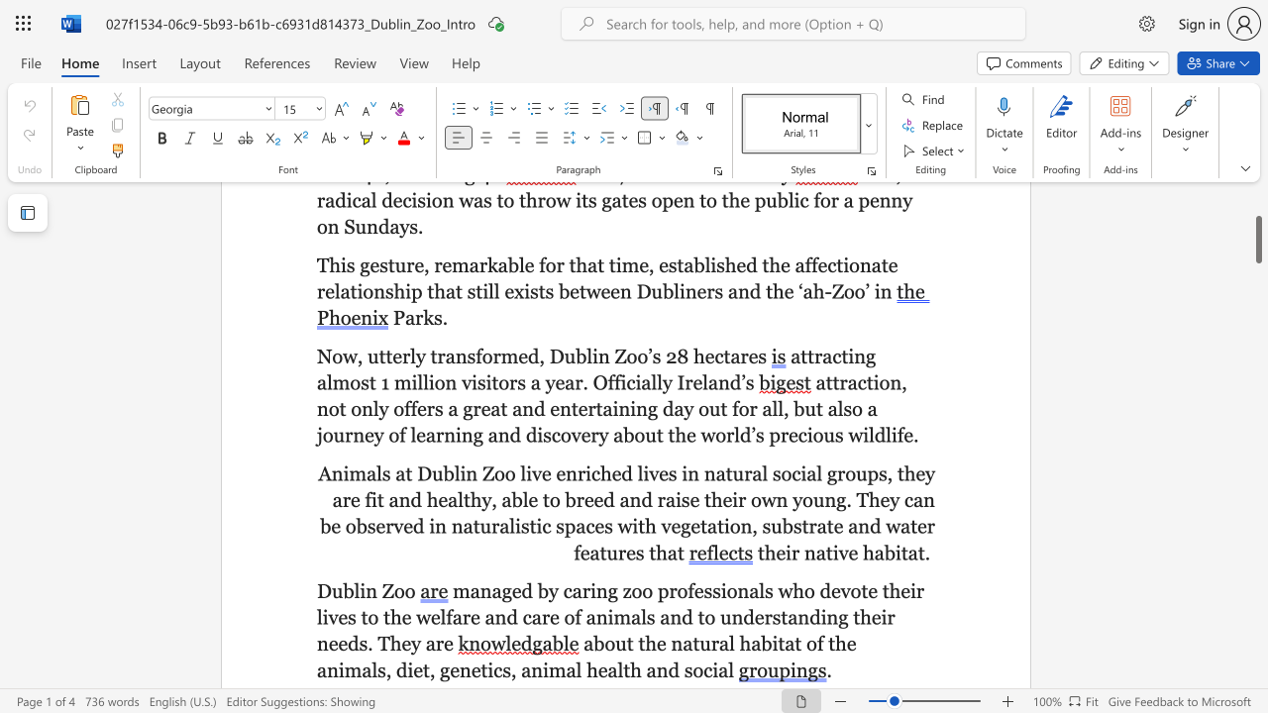 Image resolution: width=1268 pixels, height=713 pixels. I want to click on the subset text "h vegetation, substrate a" within the text "in naturalistic spaces with vegetation, substrate and water features that", so click(645, 525).